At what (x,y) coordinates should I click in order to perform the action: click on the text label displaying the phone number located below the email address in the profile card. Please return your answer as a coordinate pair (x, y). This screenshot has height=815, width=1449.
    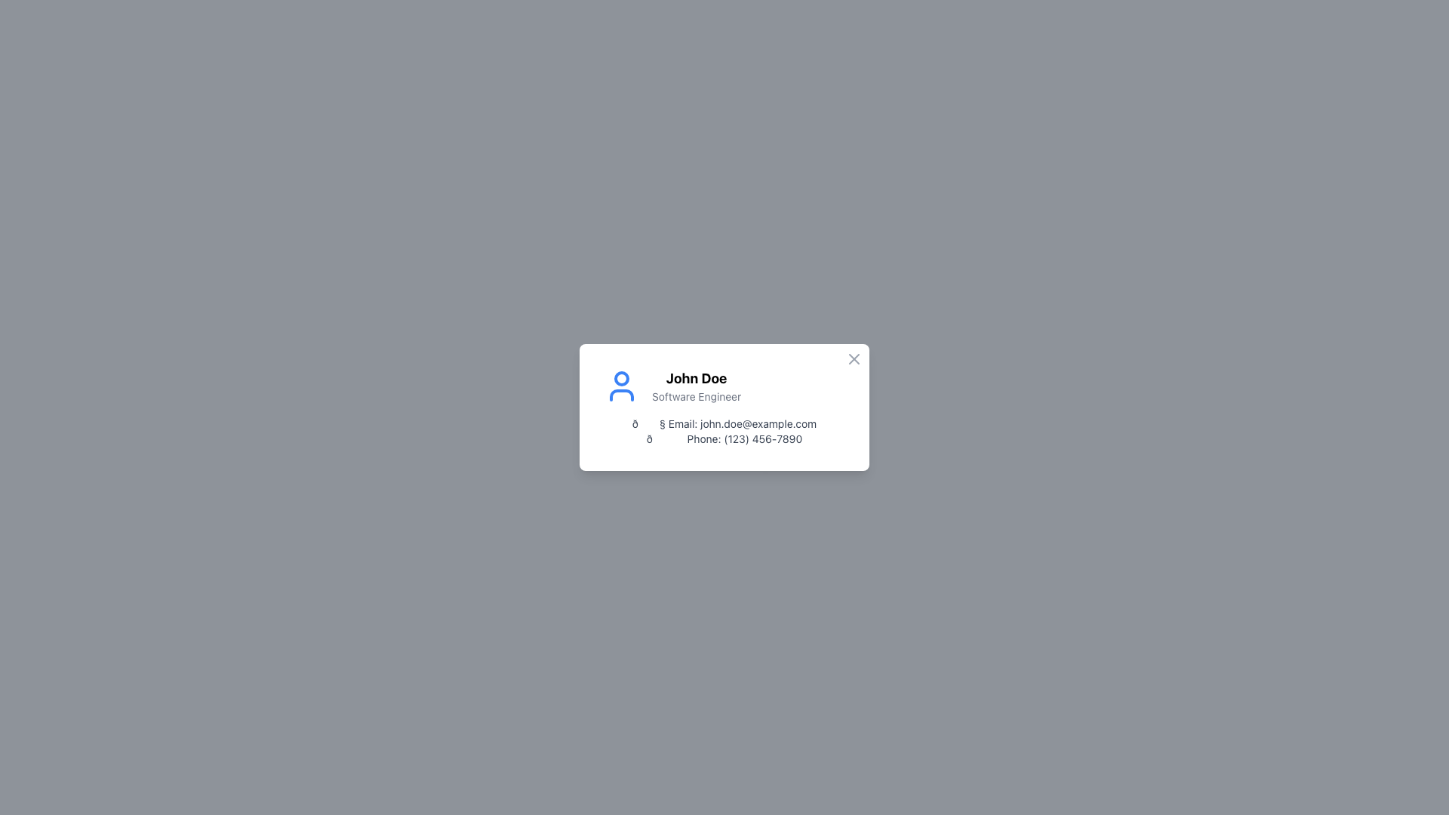
    Looking at the image, I should click on (724, 439).